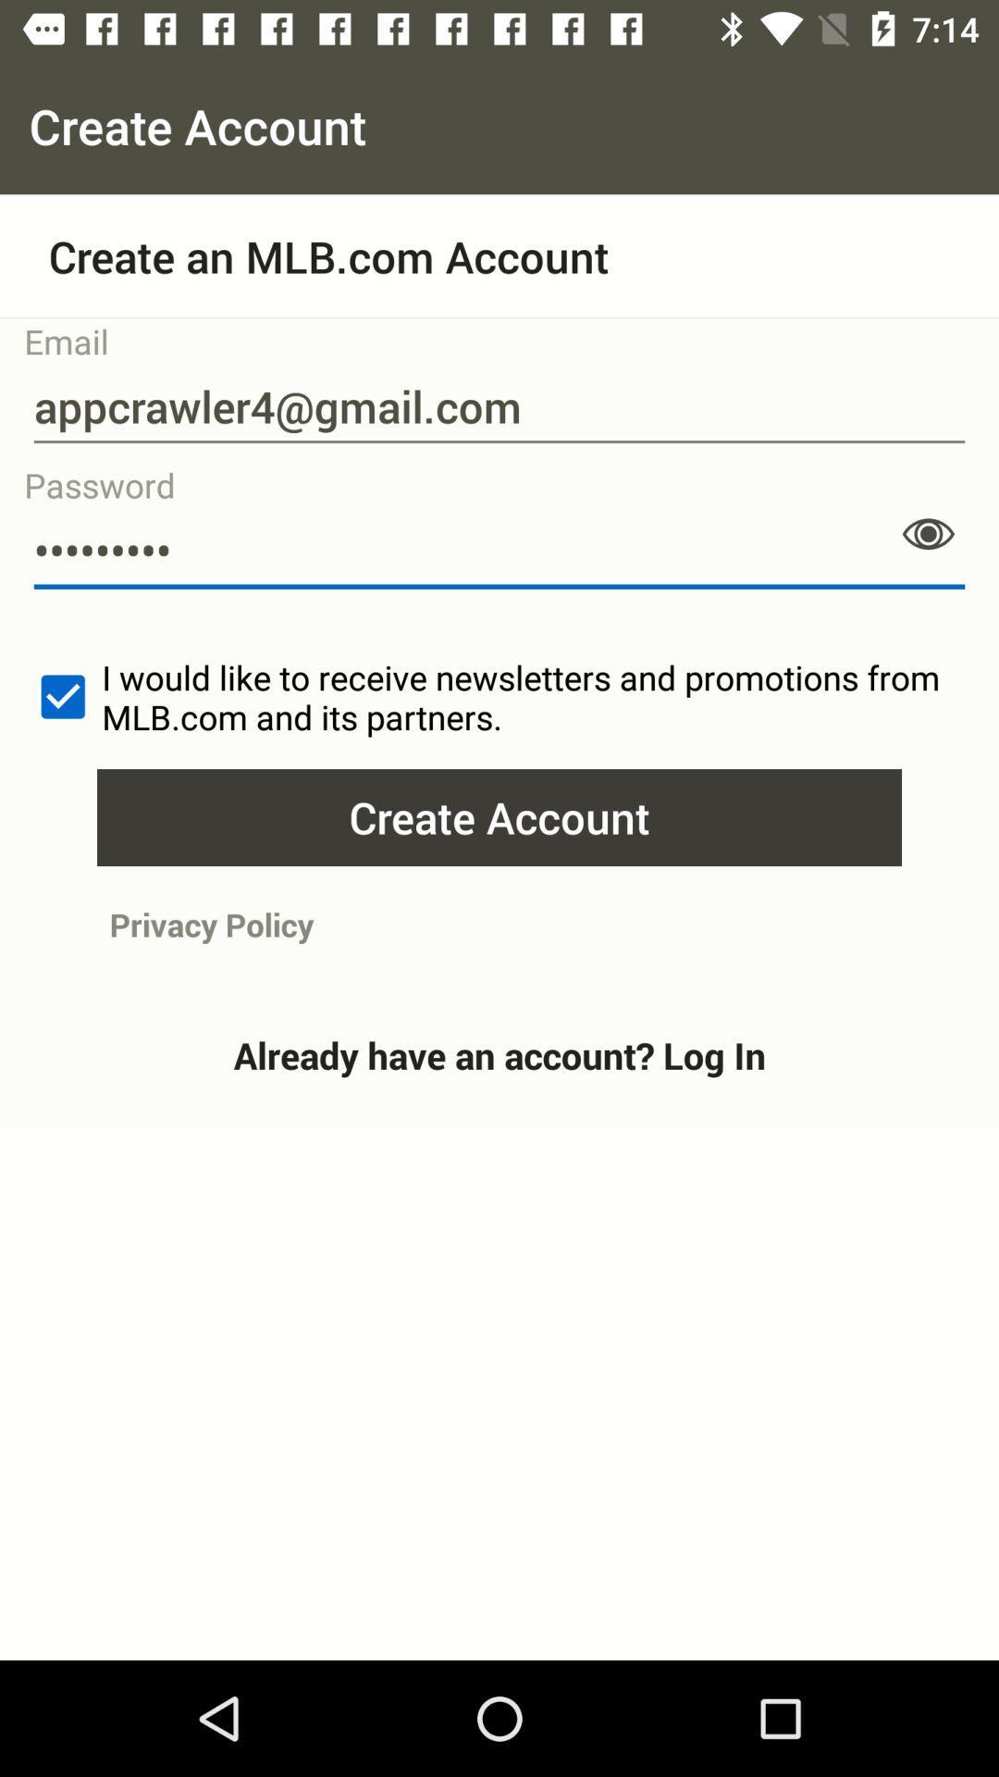 The width and height of the screenshot is (999, 1777). I want to click on icon, so click(928, 533).